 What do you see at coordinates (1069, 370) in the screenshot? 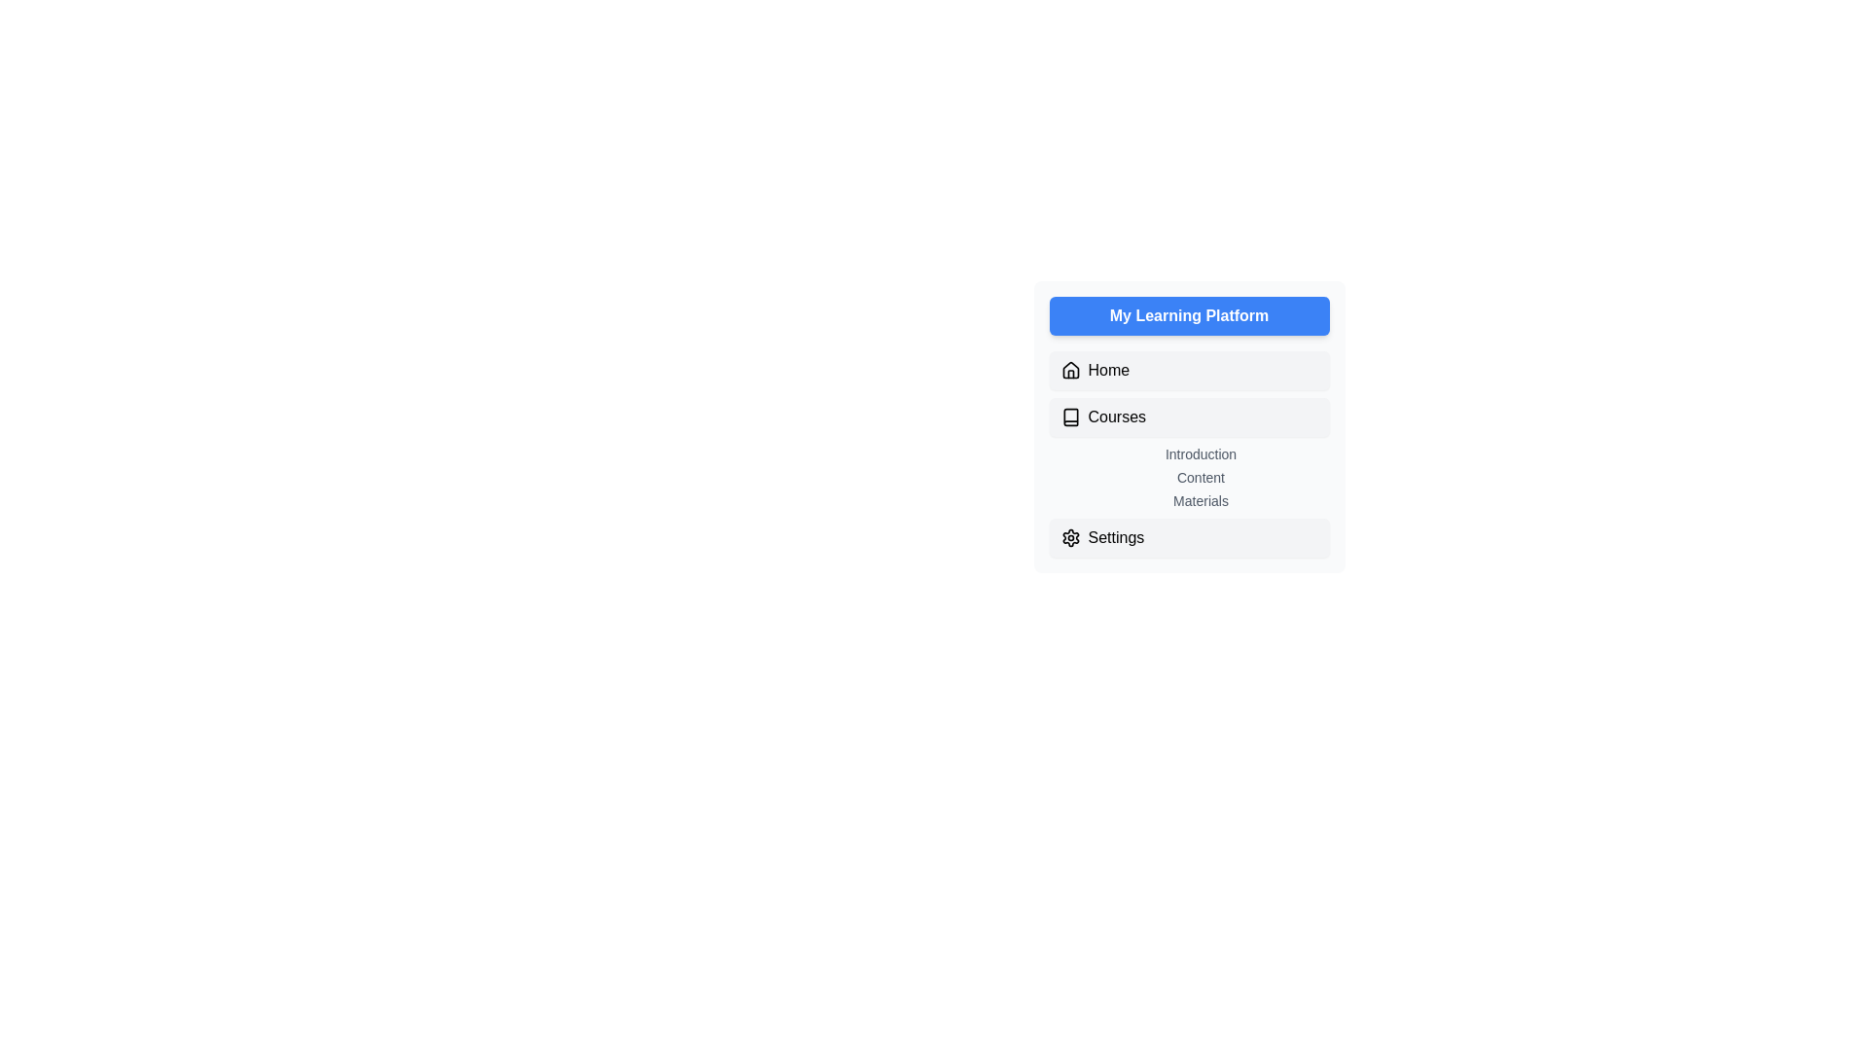
I see `the vector graphics component representing the 'Home' menu item icon located in the leftmost portion of the house-shaped icon in the navigation menu` at bounding box center [1069, 370].